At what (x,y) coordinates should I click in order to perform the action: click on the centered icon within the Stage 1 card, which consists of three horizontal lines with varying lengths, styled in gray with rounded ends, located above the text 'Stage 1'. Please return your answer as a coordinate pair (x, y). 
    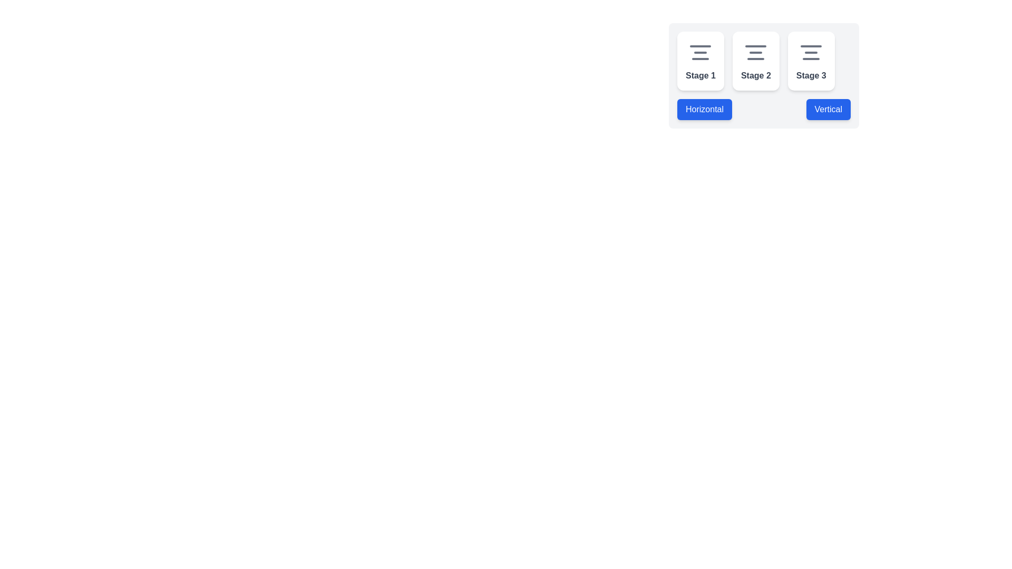
    Looking at the image, I should click on (700, 53).